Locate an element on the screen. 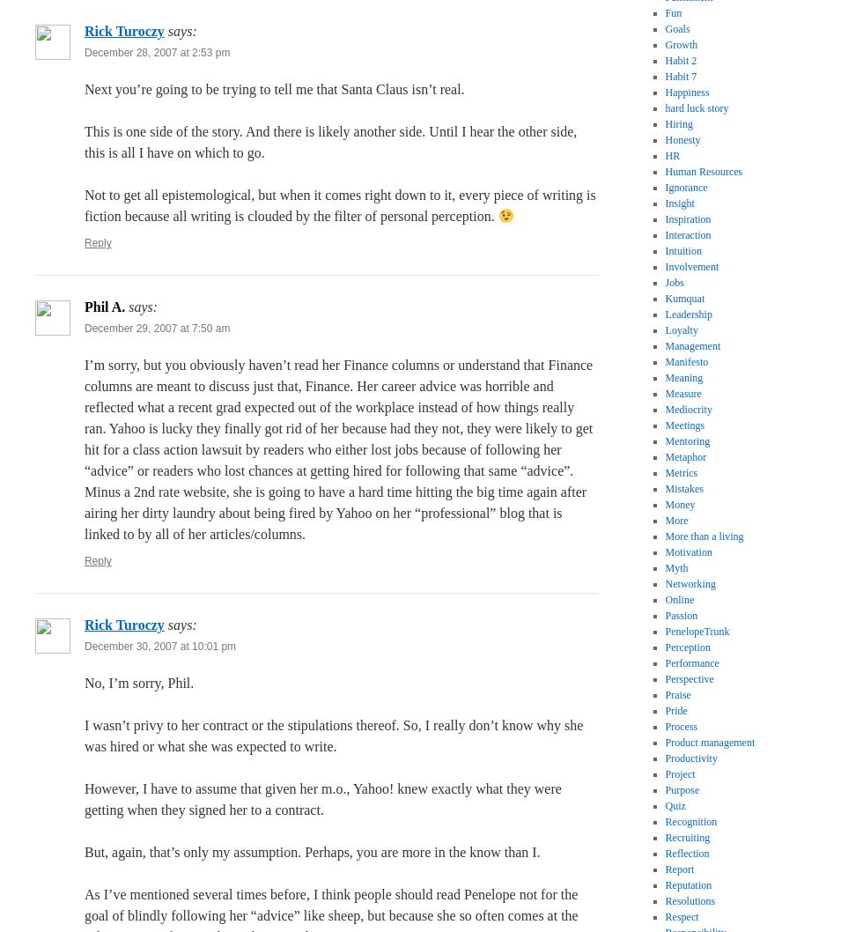 This screenshot has width=863, height=932. 'Next you’re going to be trying to tell me that Santa Claus isn’t real.' is located at coordinates (274, 88).